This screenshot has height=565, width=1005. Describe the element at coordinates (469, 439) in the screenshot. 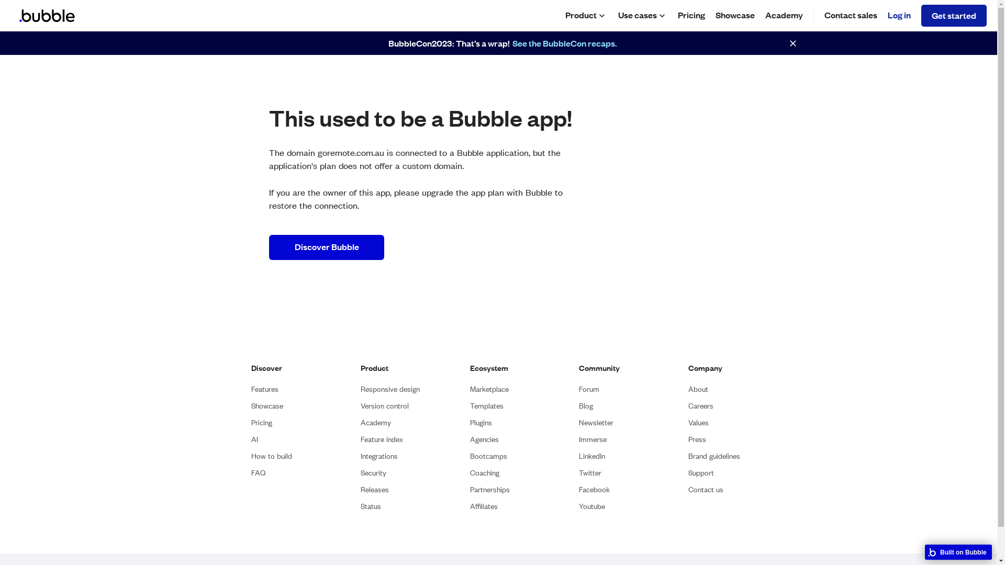

I see `'Agencies'` at that location.